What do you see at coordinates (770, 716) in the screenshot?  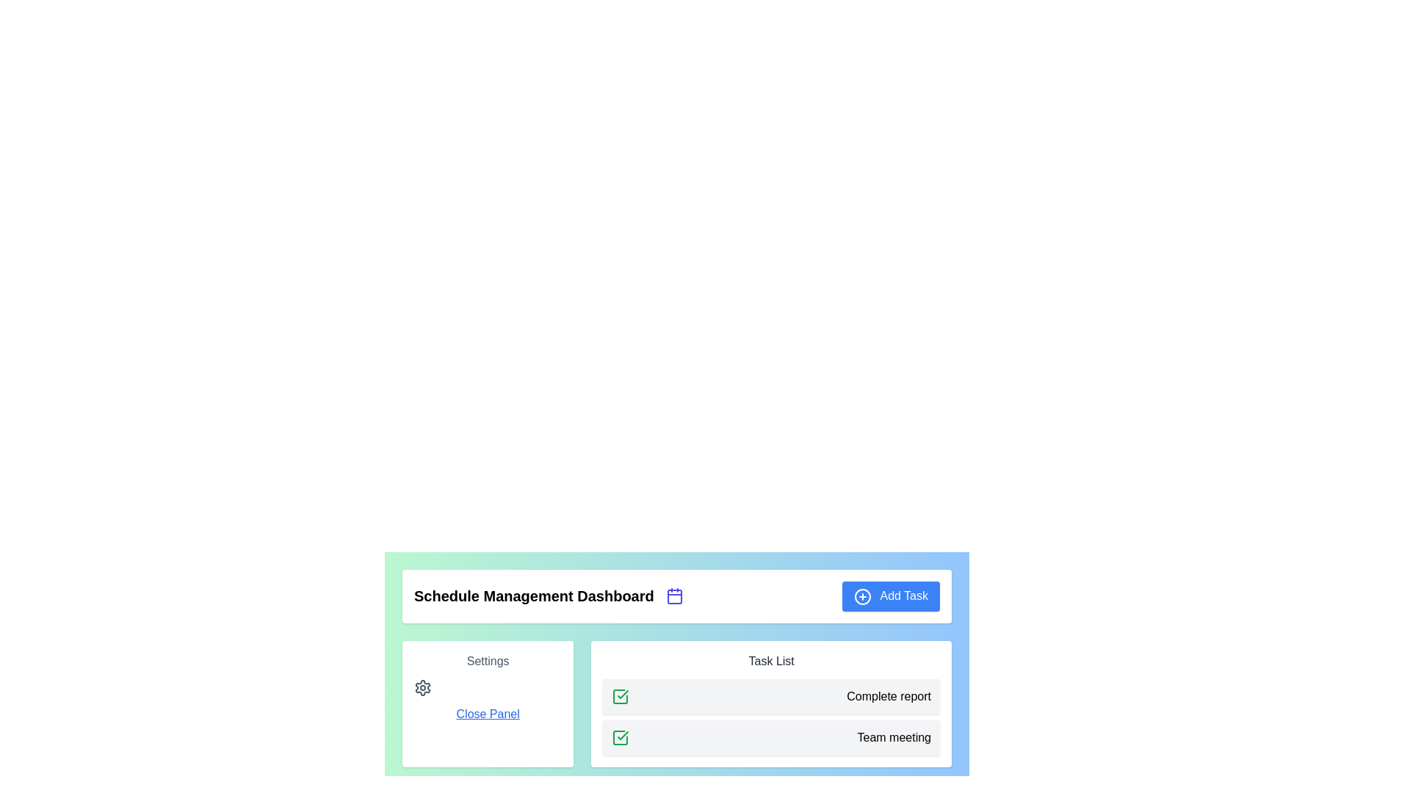 I see `the green checkmark icons of the task list element containing the tasks 'Complete report' and 'Team meeting', which is located in the 'Task List' section near the bottom right quadrant of the interface` at bounding box center [770, 716].